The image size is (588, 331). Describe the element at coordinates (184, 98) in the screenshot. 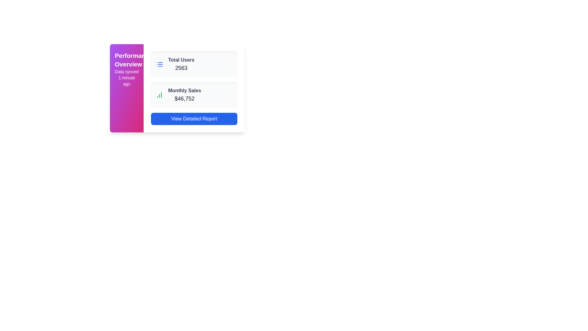

I see `the Static Text Display showing the current value of monthly sales, located in the 'Monthly Sales' section, centered horizontally towards the top-right area of the interface` at that location.